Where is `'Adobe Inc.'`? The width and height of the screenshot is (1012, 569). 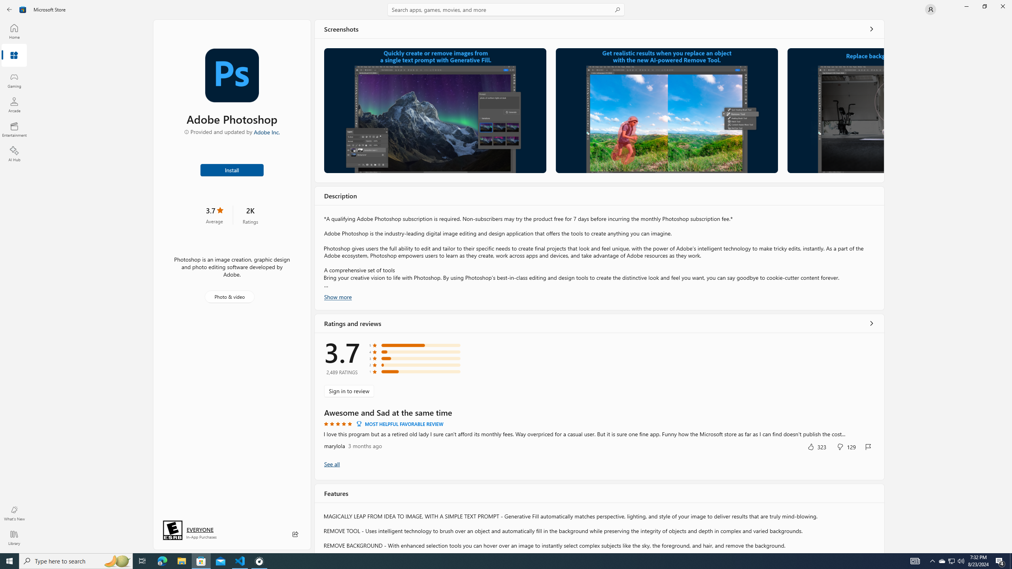 'Adobe Inc.' is located at coordinates (266, 132).